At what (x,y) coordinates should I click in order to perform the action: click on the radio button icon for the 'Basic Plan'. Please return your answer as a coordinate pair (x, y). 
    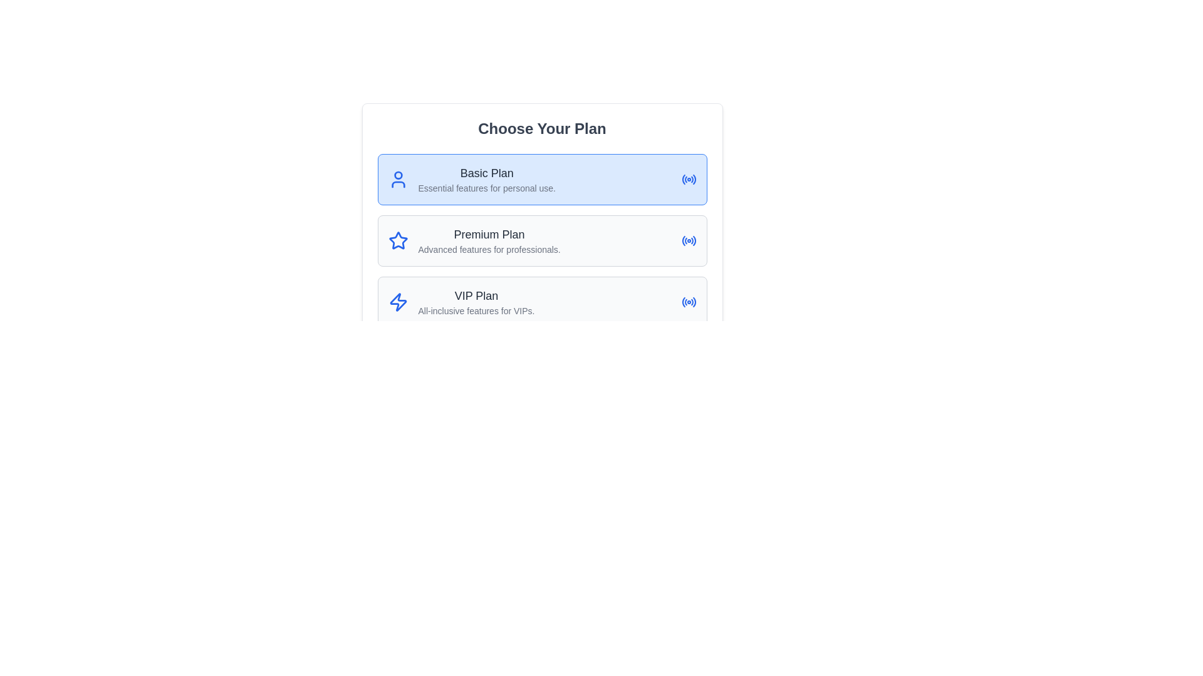
    Looking at the image, I should click on (688, 179).